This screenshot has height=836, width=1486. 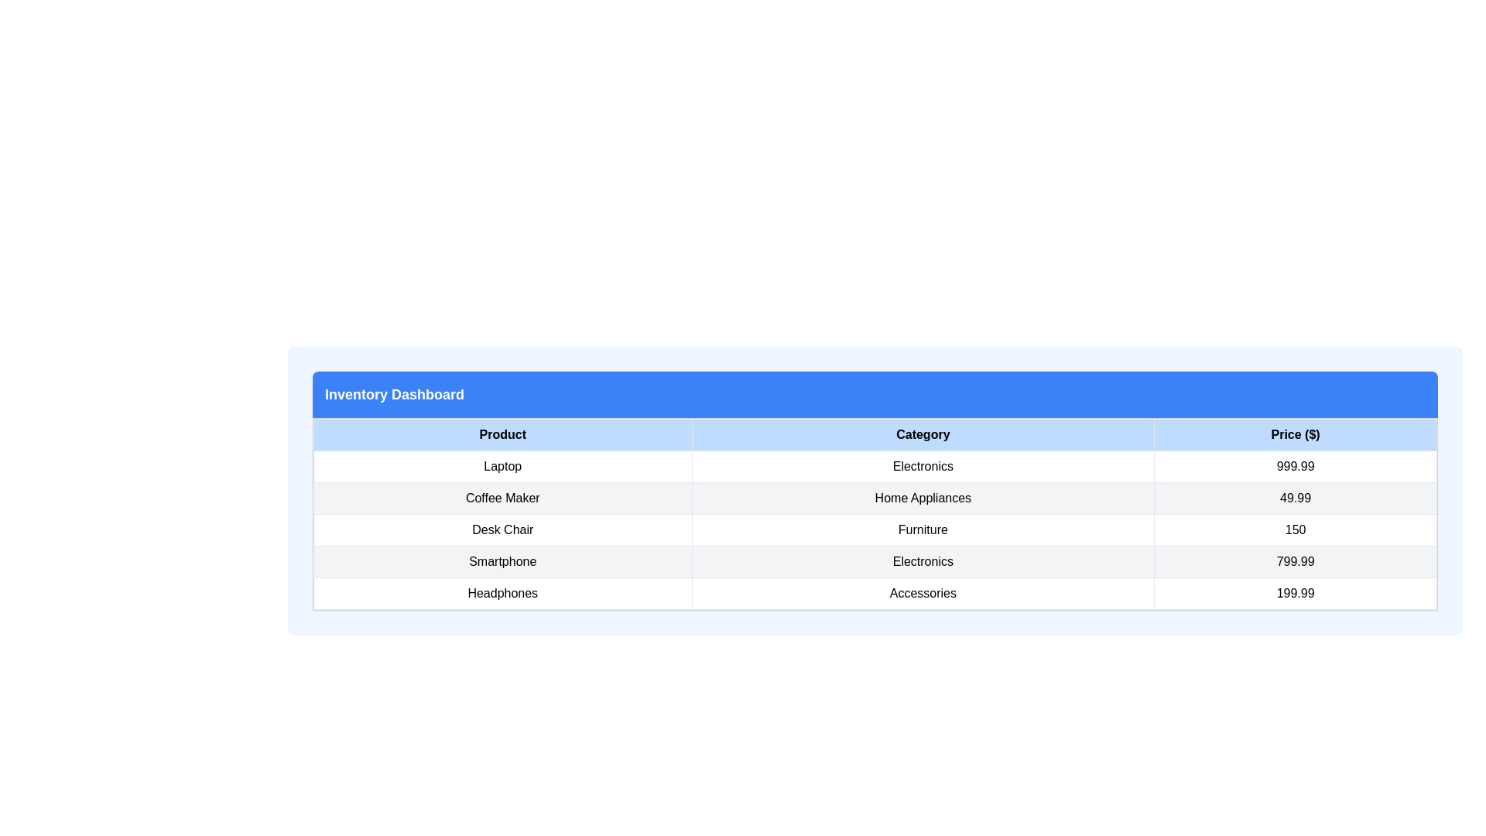 What do you see at coordinates (875, 561) in the screenshot?
I see `the fourth row in the 'Inventory Dashboard' table displaying product information, which includes the product name 'Smartphone', category 'Electronics', and price '799.99'` at bounding box center [875, 561].